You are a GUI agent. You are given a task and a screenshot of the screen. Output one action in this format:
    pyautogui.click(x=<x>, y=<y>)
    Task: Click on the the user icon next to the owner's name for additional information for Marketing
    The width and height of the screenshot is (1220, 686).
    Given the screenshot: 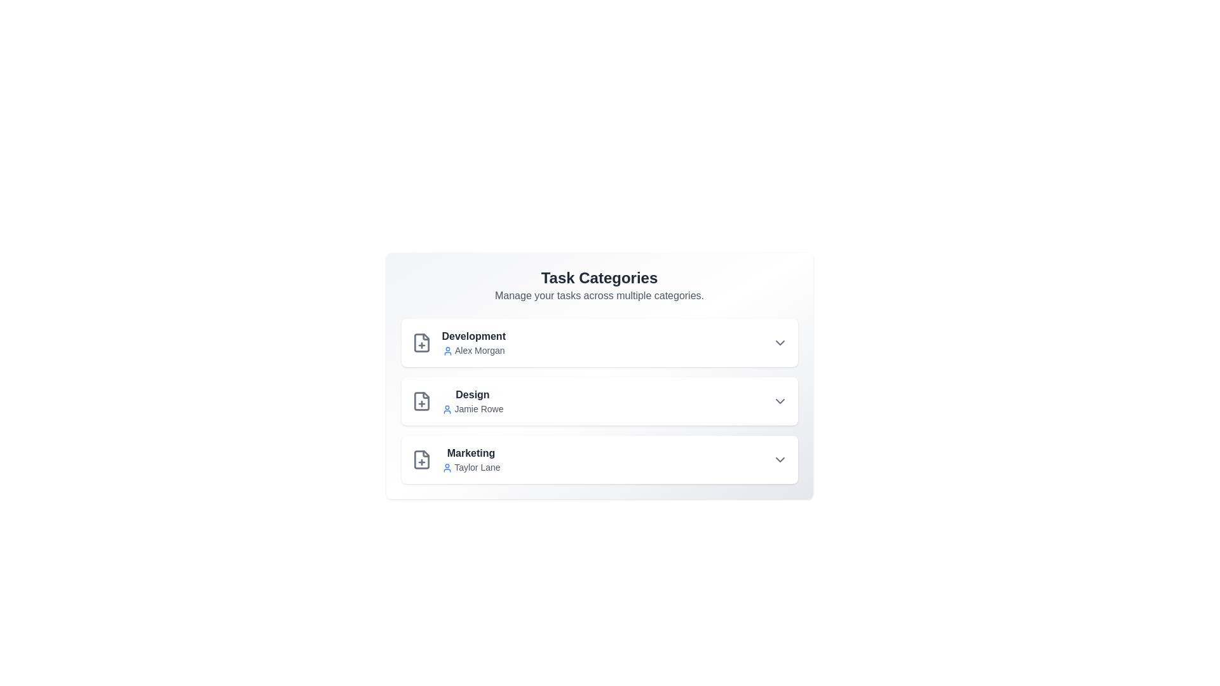 What is the action you would take?
    pyautogui.click(x=447, y=468)
    